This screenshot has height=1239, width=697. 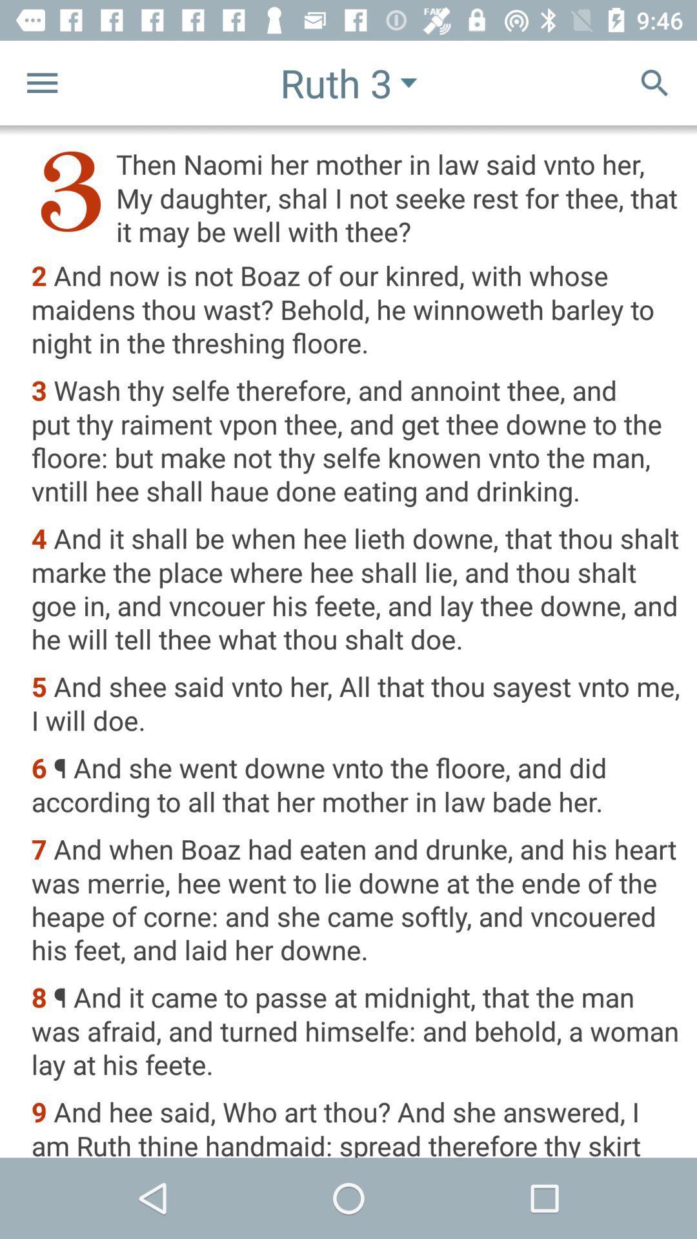 What do you see at coordinates (356, 197) in the screenshot?
I see `the then naomi her item` at bounding box center [356, 197].